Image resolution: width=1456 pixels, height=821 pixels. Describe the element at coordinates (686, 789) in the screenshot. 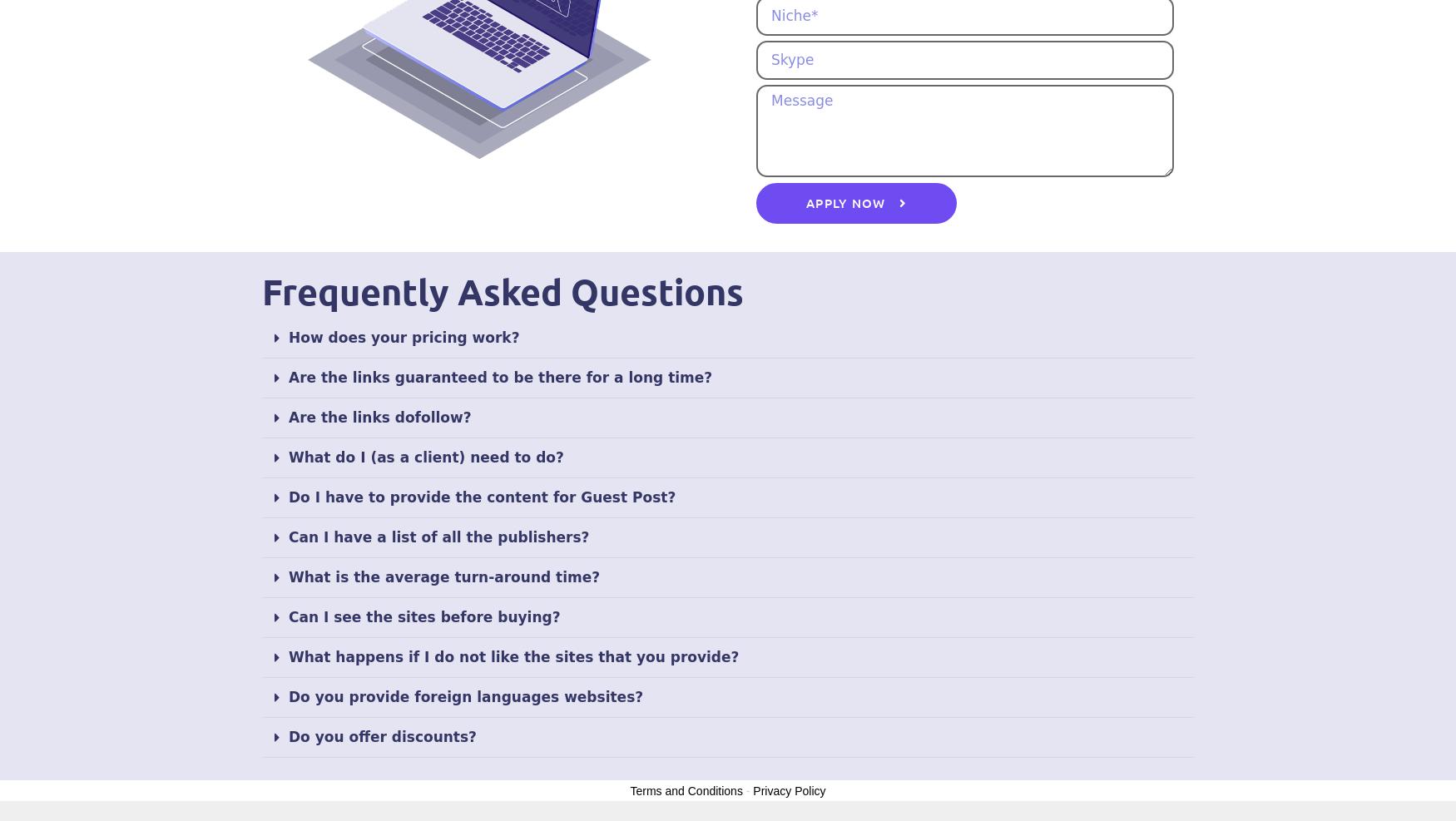

I see `'Terms and Conditions'` at that location.